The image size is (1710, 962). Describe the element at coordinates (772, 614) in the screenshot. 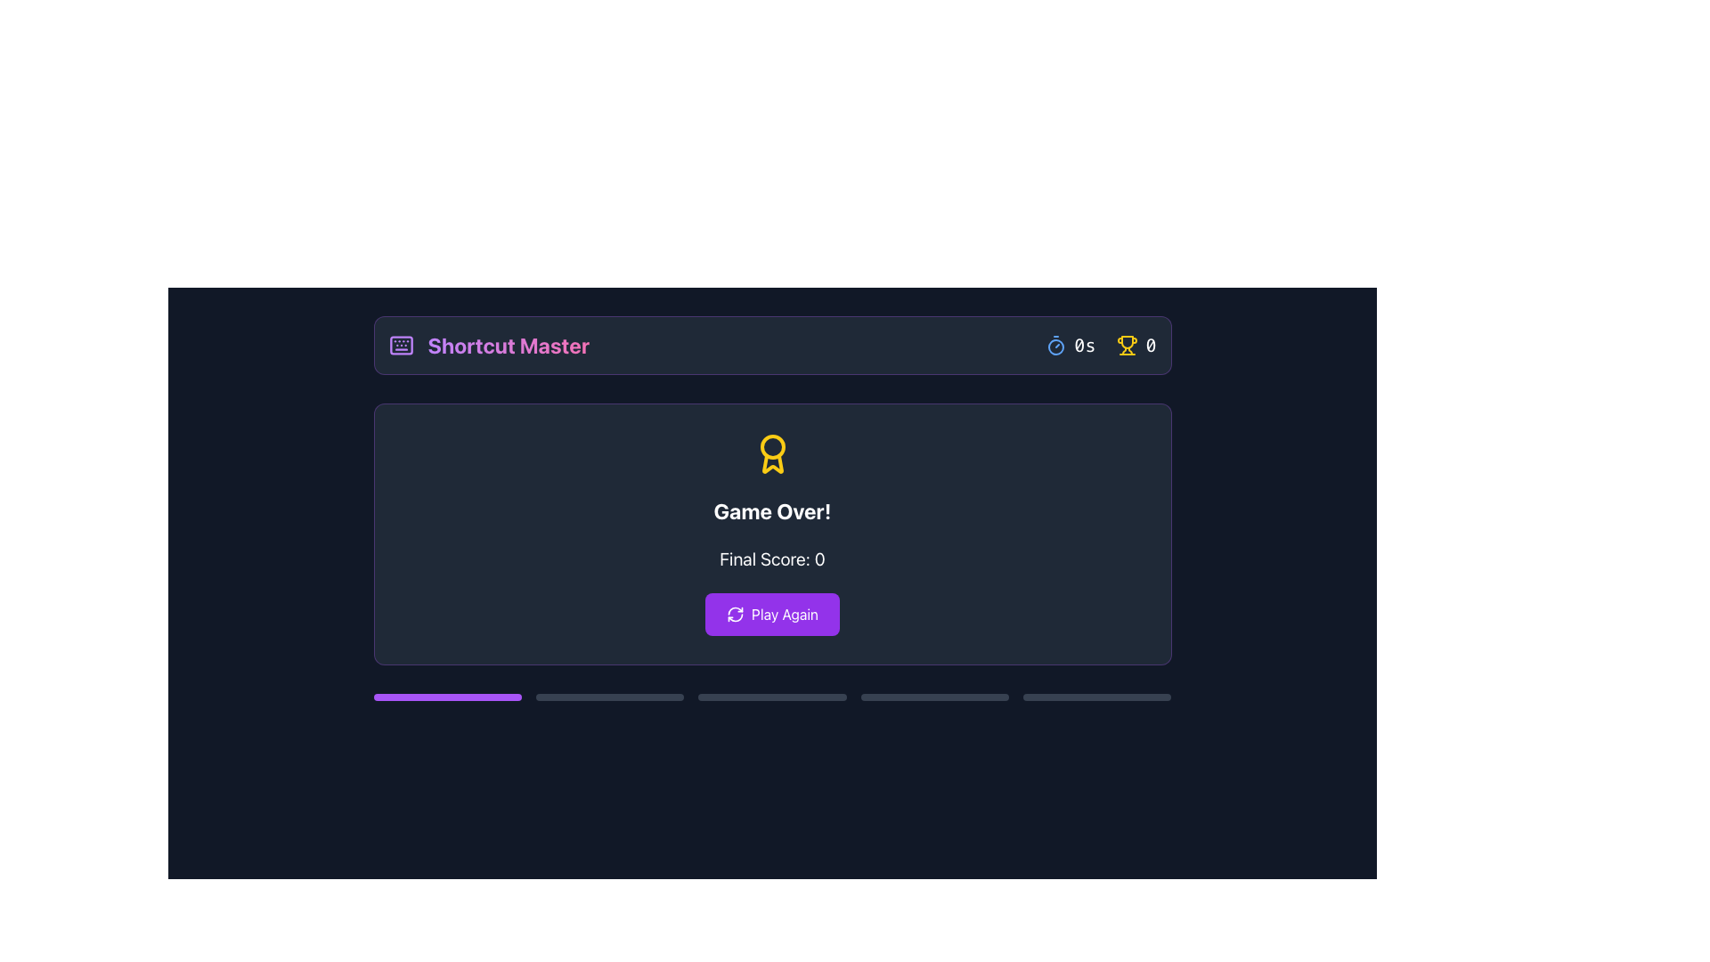

I see `the 'Play Again' button with a purple background and rounded corners for keyboard interaction` at that location.